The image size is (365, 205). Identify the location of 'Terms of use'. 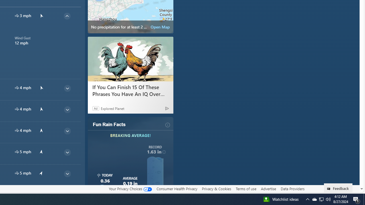
(246, 189).